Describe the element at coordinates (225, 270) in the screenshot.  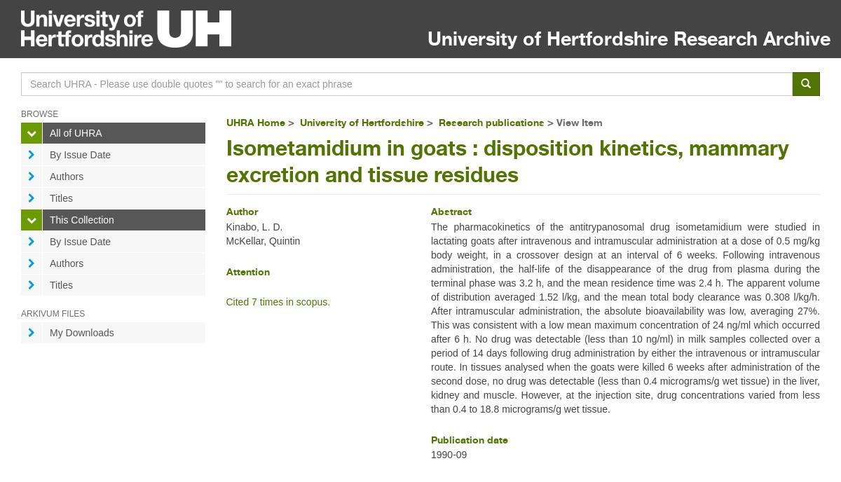
I see `'Attention'` at that location.